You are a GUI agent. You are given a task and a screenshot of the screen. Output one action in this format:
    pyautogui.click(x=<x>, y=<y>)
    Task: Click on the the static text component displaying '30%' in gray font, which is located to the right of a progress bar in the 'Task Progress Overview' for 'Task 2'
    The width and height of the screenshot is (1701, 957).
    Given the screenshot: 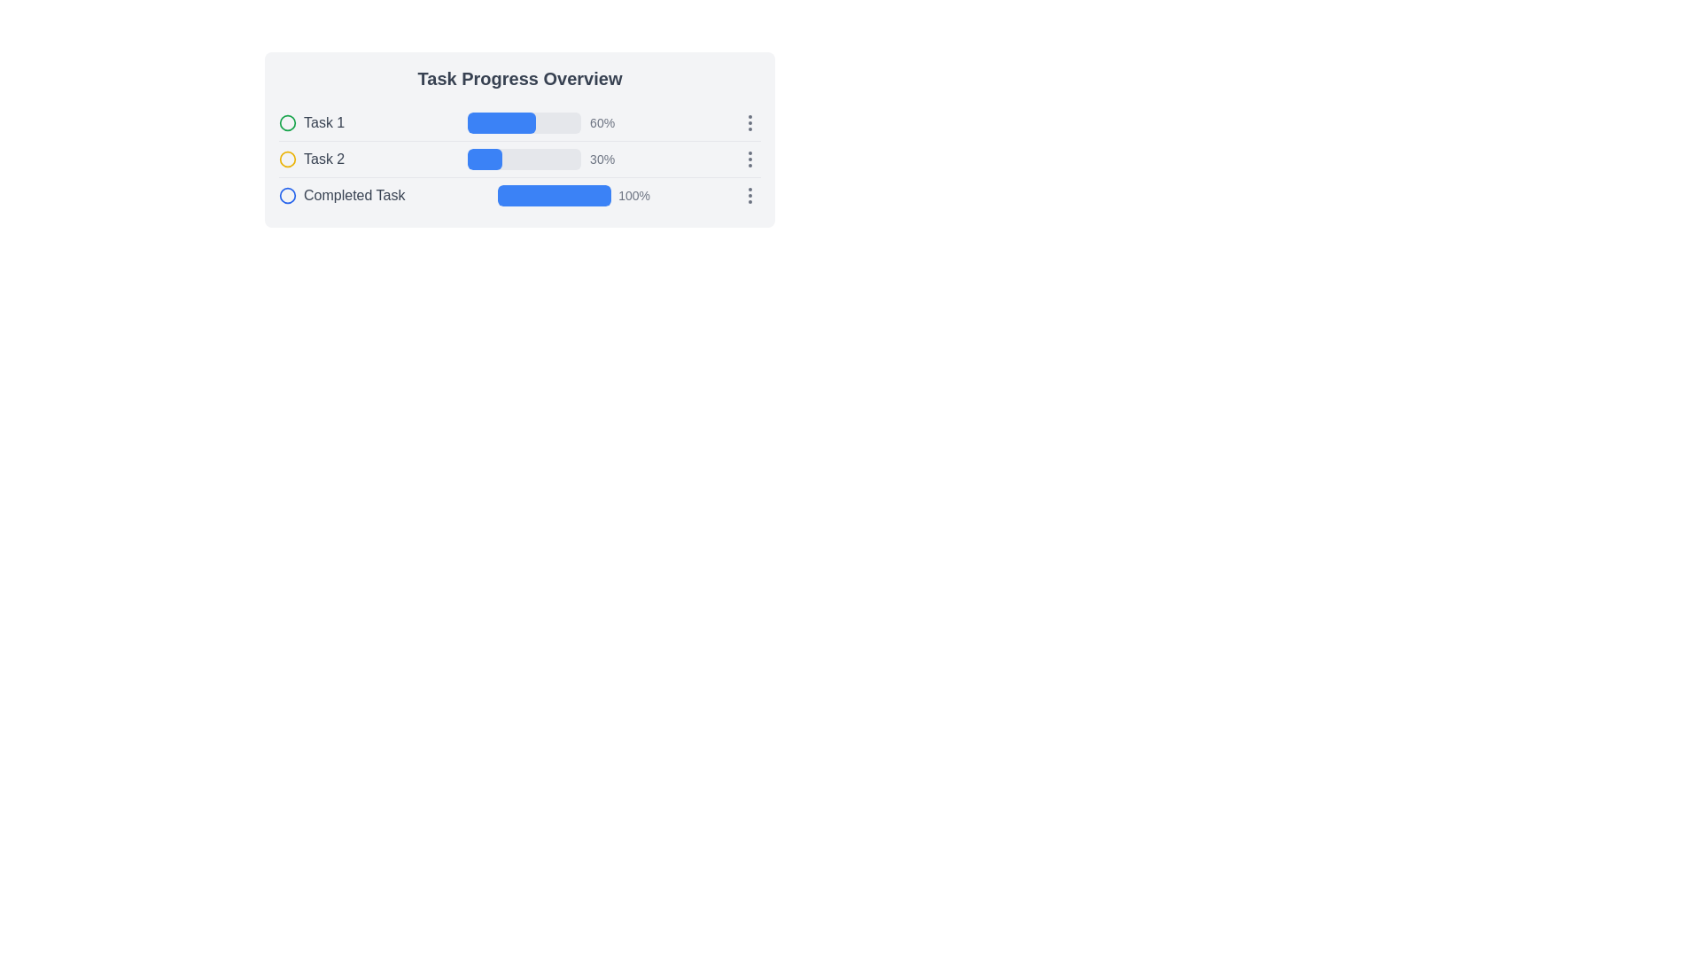 What is the action you would take?
    pyautogui.click(x=602, y=159)
    